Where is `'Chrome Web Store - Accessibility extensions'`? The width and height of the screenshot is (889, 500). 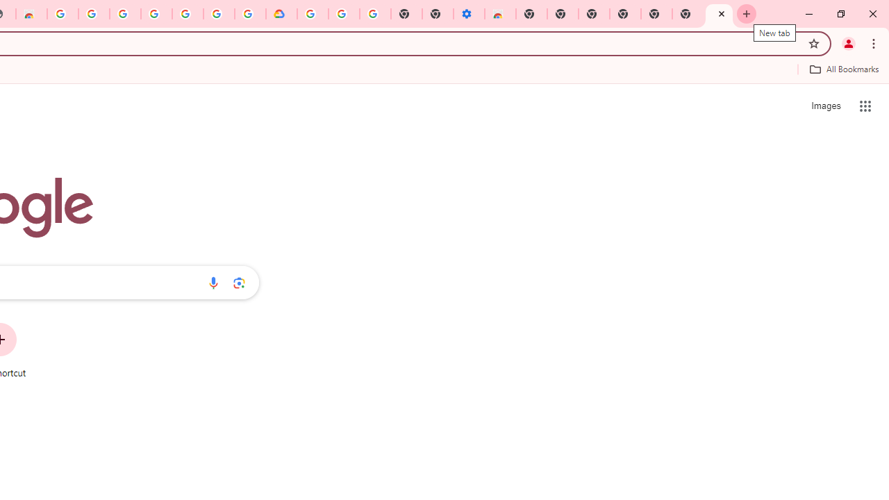
'Chrome Web Store - Accessibility extensions' is located at coordinates (500, 14).